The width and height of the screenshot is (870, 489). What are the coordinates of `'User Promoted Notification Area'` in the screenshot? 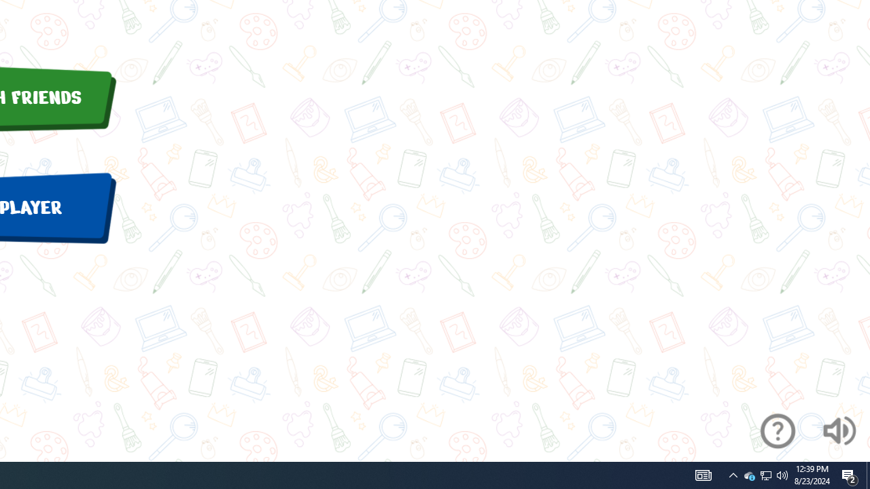 It's located at (766, 474).